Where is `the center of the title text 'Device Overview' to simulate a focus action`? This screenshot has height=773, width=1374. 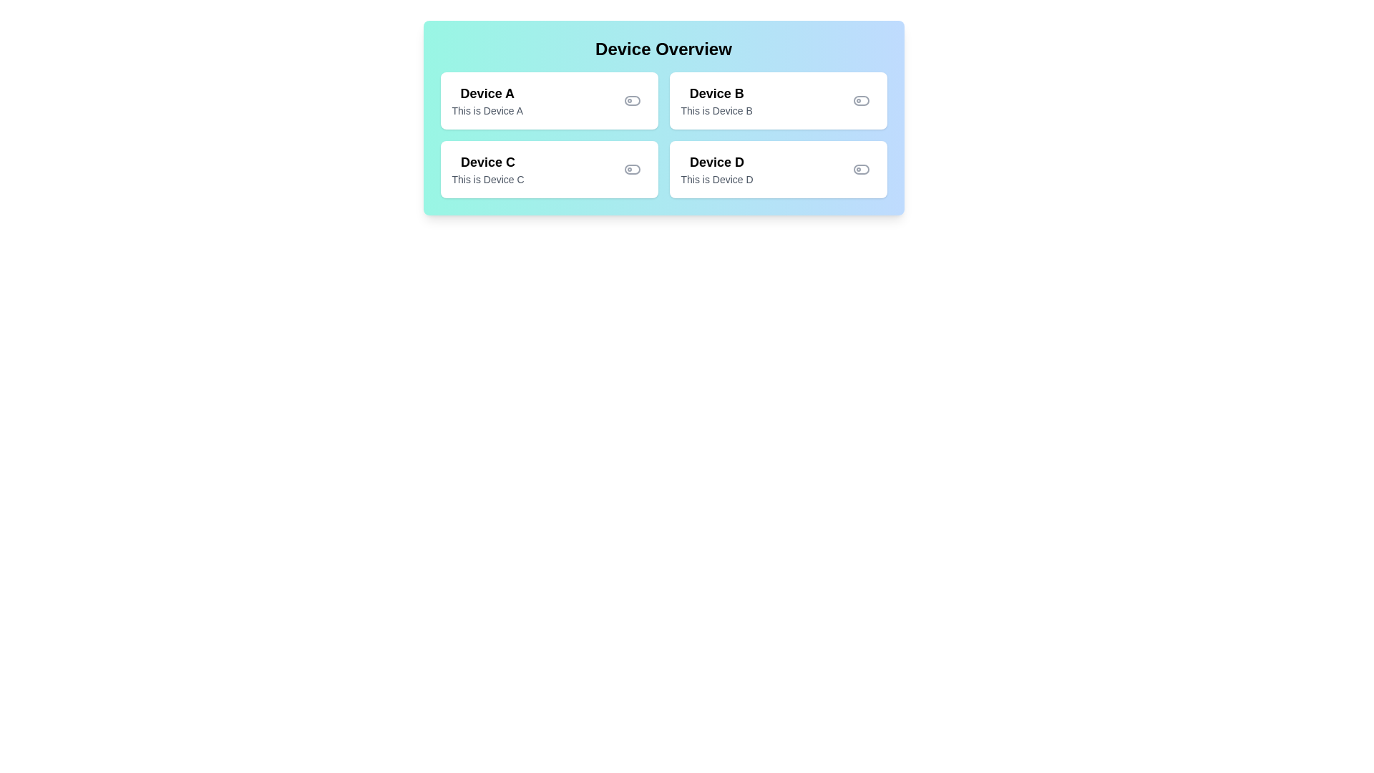
the center of the title text 'Device Overview' to simulate a focus action is located at coordinates (663, 49).